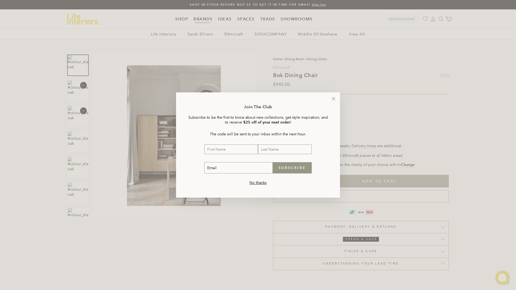  I want to click on 'No thanks', so click(258, 182).